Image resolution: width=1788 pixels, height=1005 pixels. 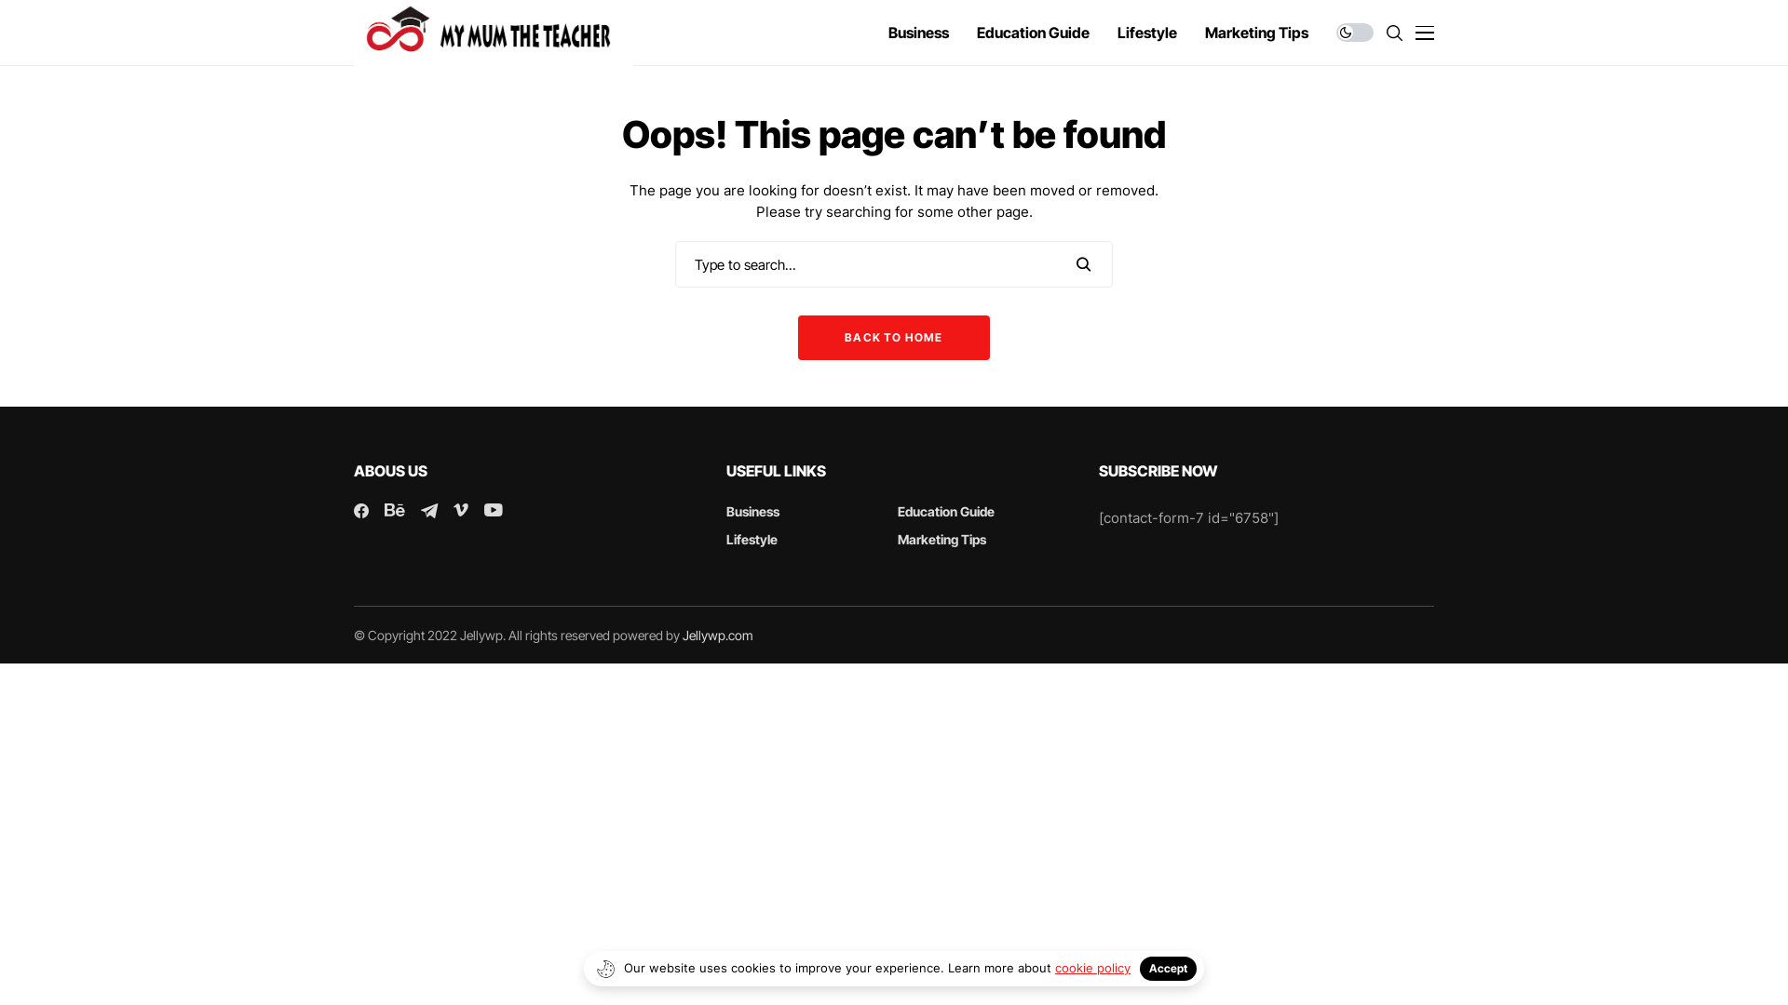 I want to click on 'cookie policy', so click(x=1054, y=967).